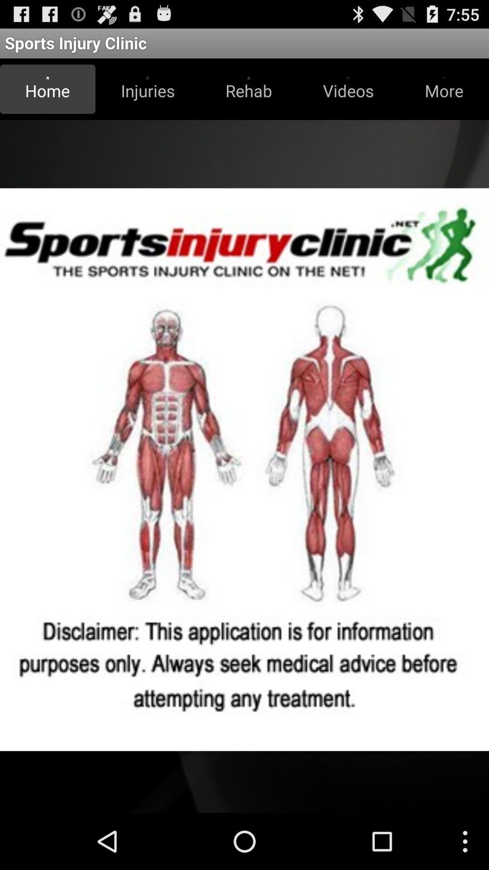  I want to click on button next to the rehab icon, so click(348, 89).